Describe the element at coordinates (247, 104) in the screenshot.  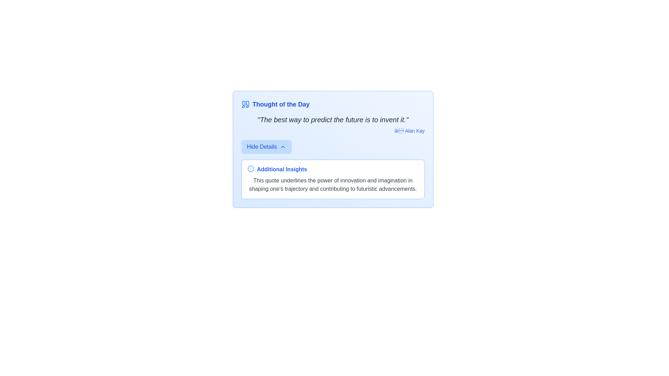
I see `the stylized quotation mark icon outlined in blue, which is the second part of a two-part quotation icon located near the top-left of the card` at that location.